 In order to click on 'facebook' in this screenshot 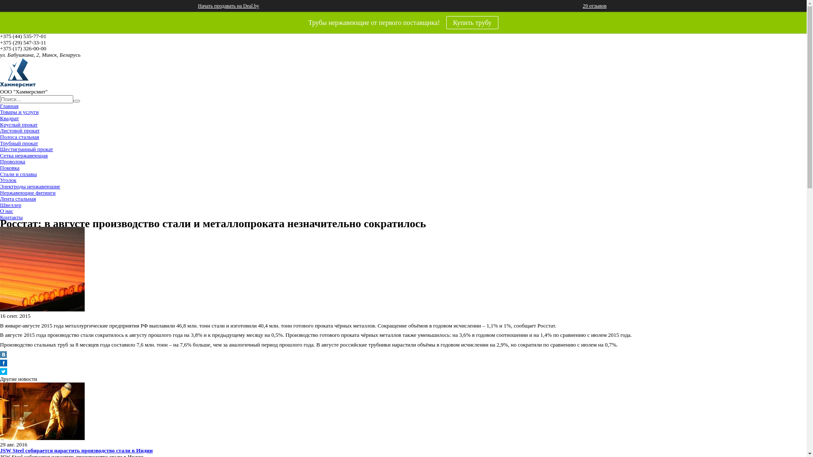, I will do `click(3, 364)`.